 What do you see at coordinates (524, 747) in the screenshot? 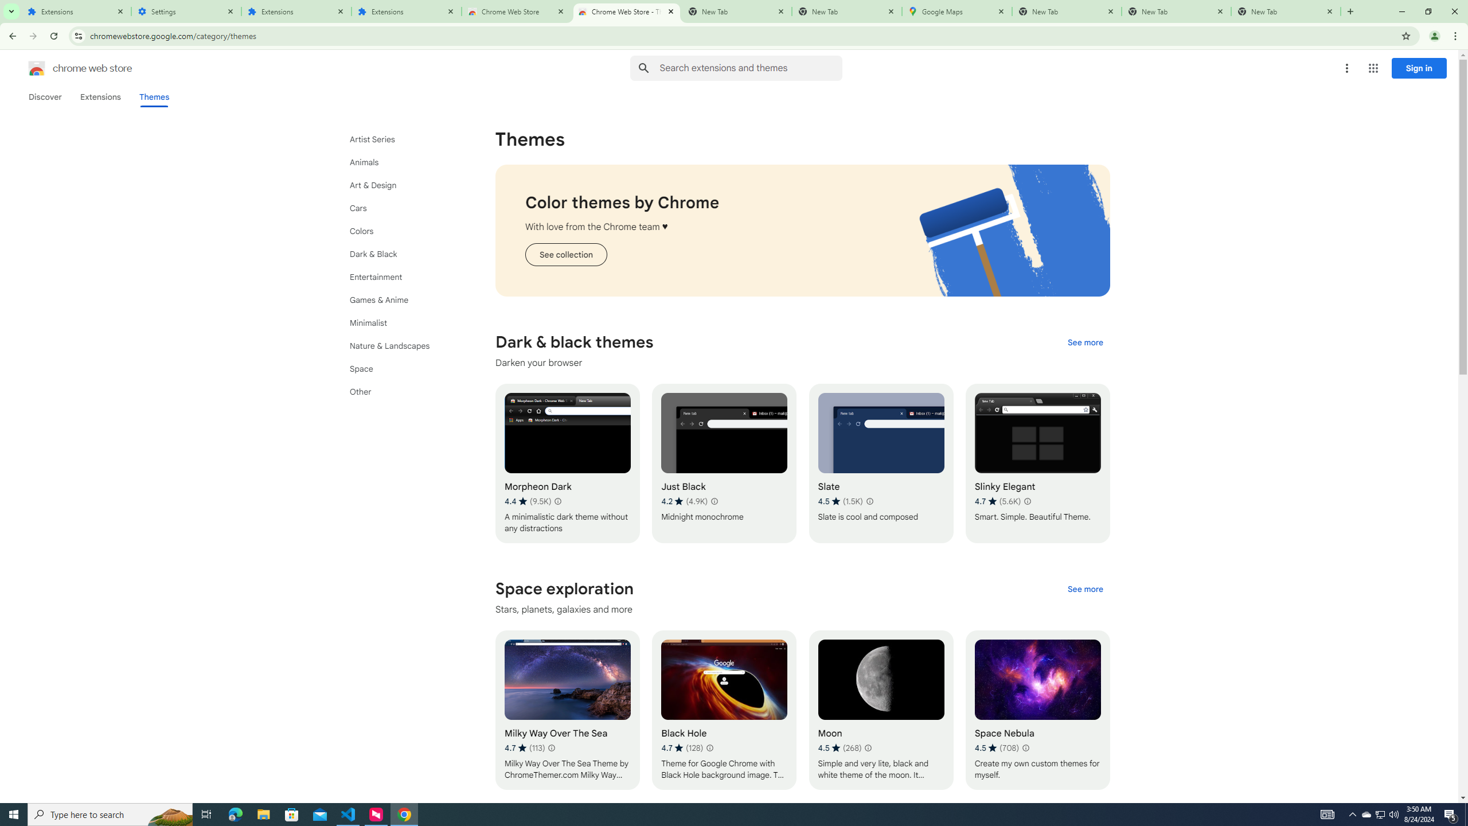
I see `'Average rating 4.7 out of 5 stars. 113 ratings.'` at bounding box center [524, 747].